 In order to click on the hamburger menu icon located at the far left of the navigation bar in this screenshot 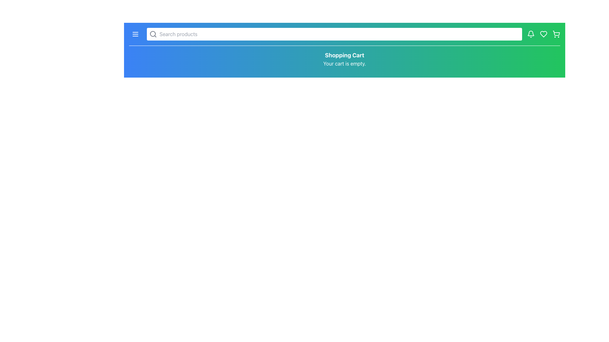, I will do `click(135, 34)`.